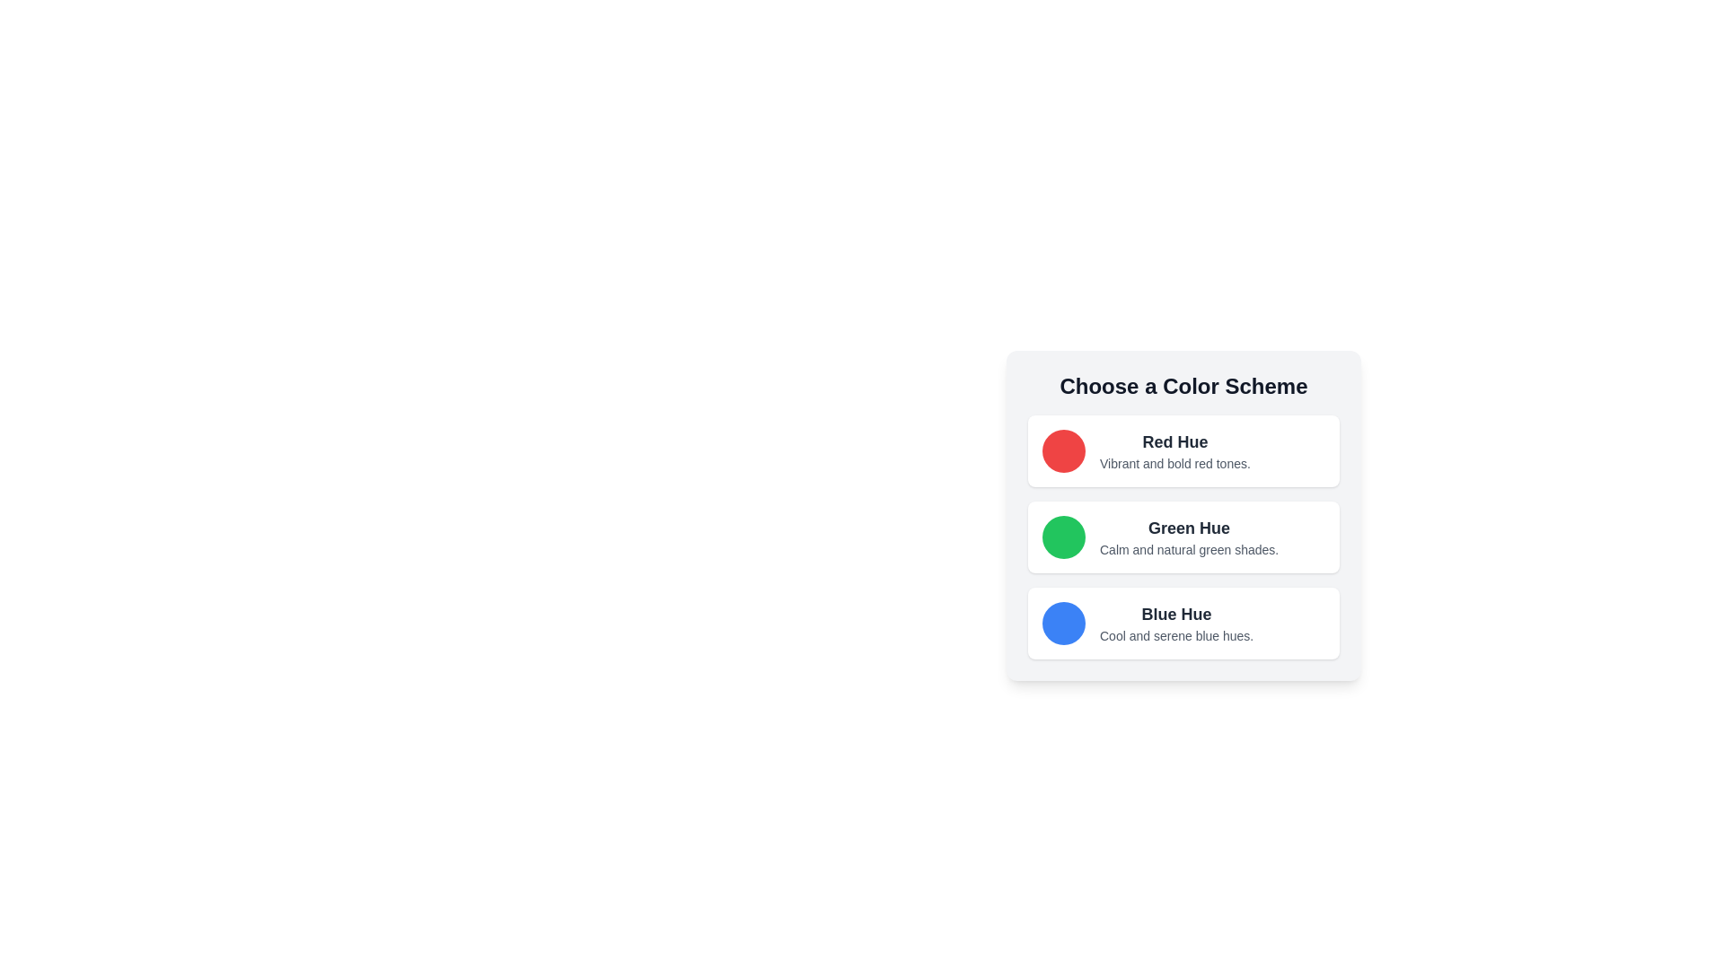 The height and width of the screenshot is (969, 1724). What do you see at coordinates (1174, 462) in the screenshot?
I see `the text label displaying 'Vibrant and bold red tones.' which is located below the 'Red Hue' title in the first group of the selection card` at bounding box center [1174, 462].